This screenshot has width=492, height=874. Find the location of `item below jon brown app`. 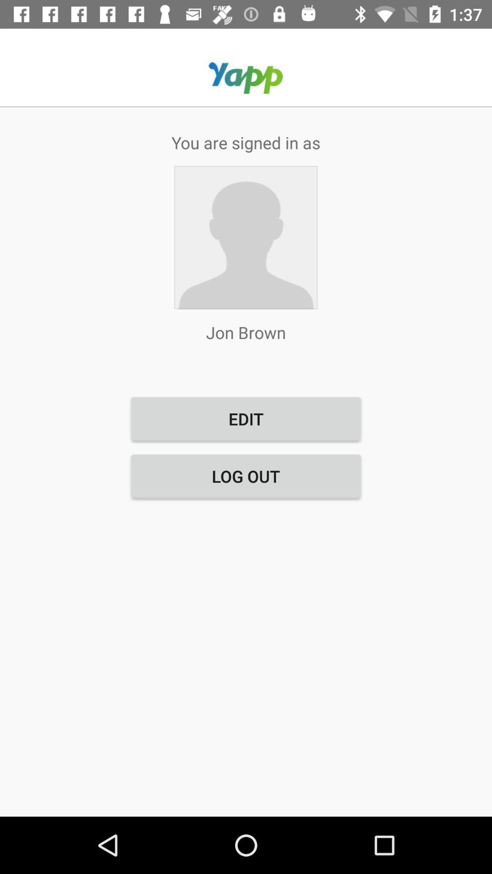

item below jon brown app is located at coordinates (246, 418).